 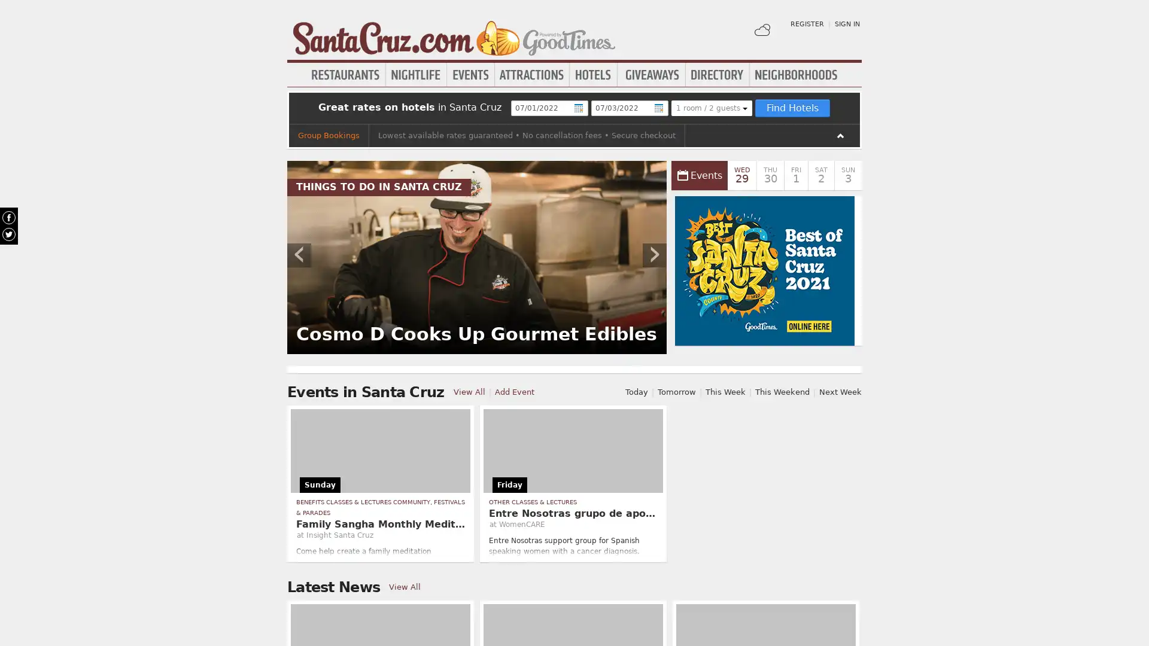 What do you see at coordinates (792, 108) in the screenshot?
I see `Find Hotels` at bounding box center [792, 108].